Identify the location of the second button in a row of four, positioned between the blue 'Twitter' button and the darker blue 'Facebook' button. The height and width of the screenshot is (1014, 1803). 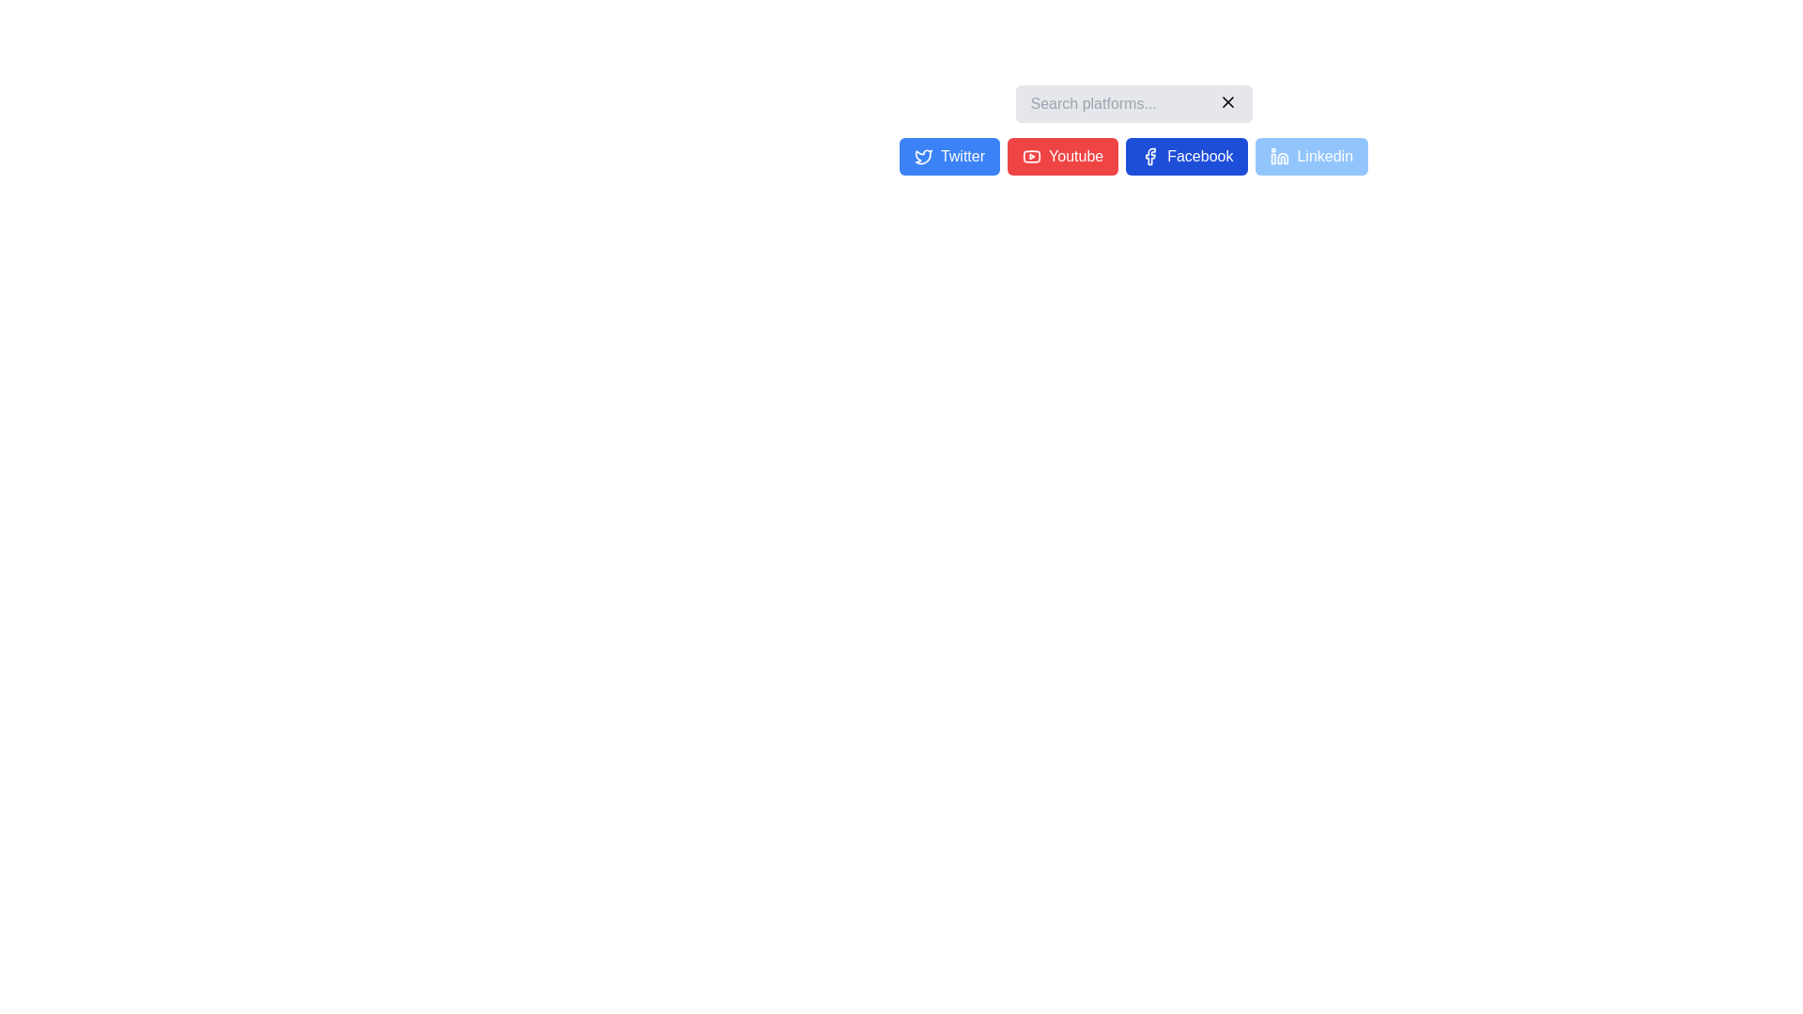
(1063, 155).